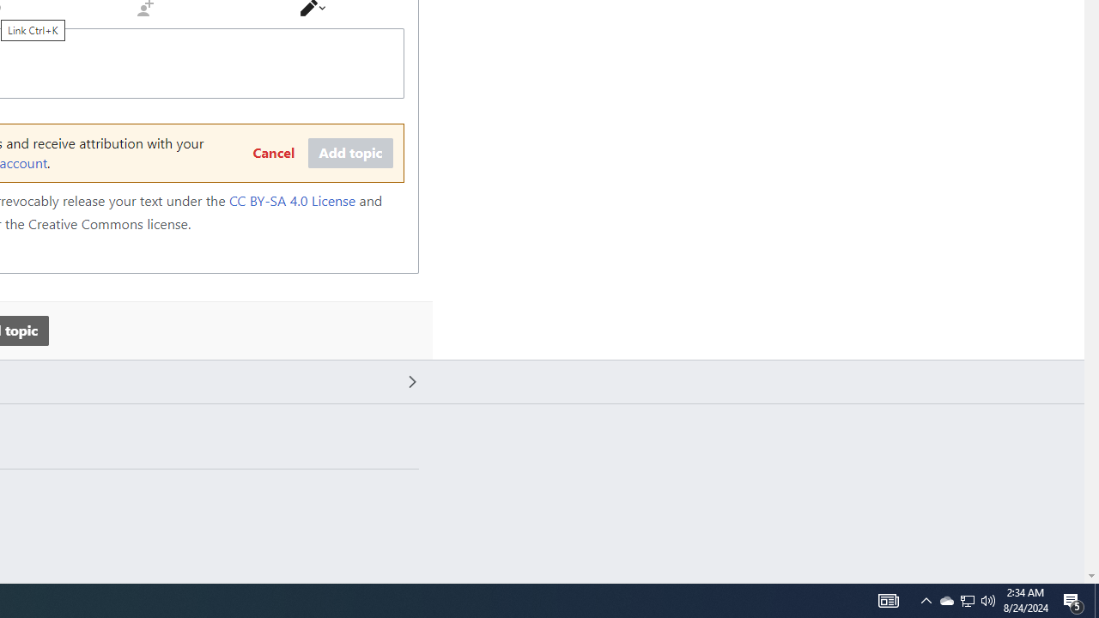 The image size is (1099, 618). Describe the element at coordinates (349, 153) in the screenshot. I see `'Add topic'` at that location.